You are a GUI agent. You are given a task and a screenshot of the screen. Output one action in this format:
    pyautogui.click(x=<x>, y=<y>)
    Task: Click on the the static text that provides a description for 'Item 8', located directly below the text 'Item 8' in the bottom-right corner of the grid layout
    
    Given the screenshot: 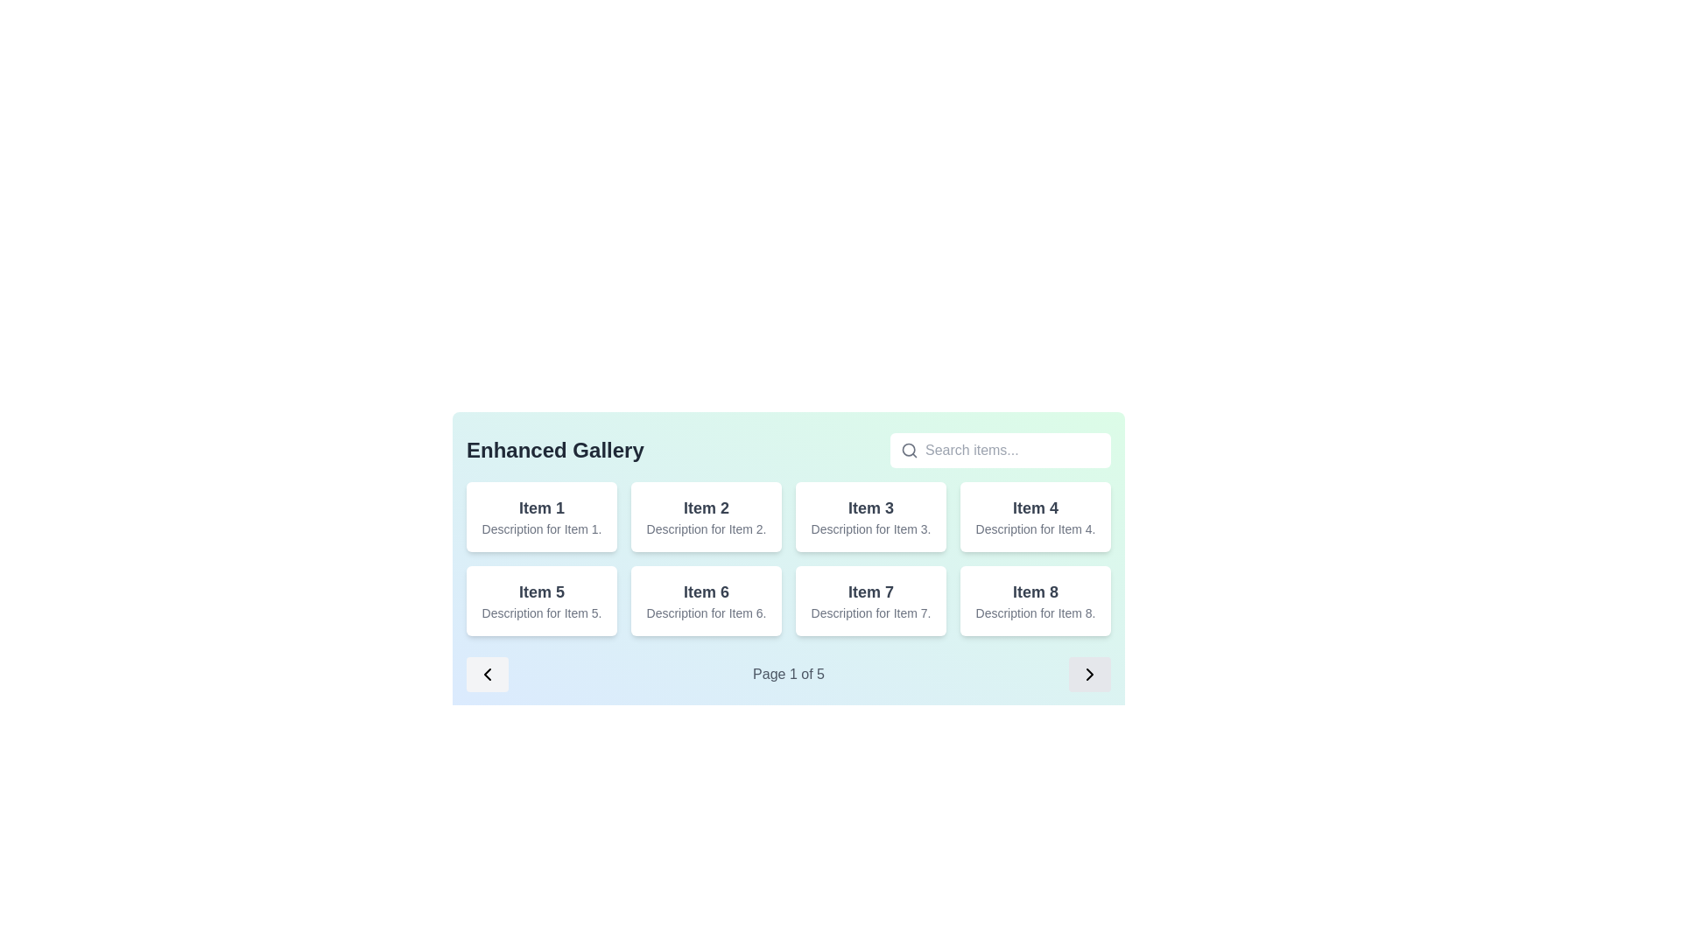 What is the action you would take?
    pyautogui.click(x=1035, y=612)
    